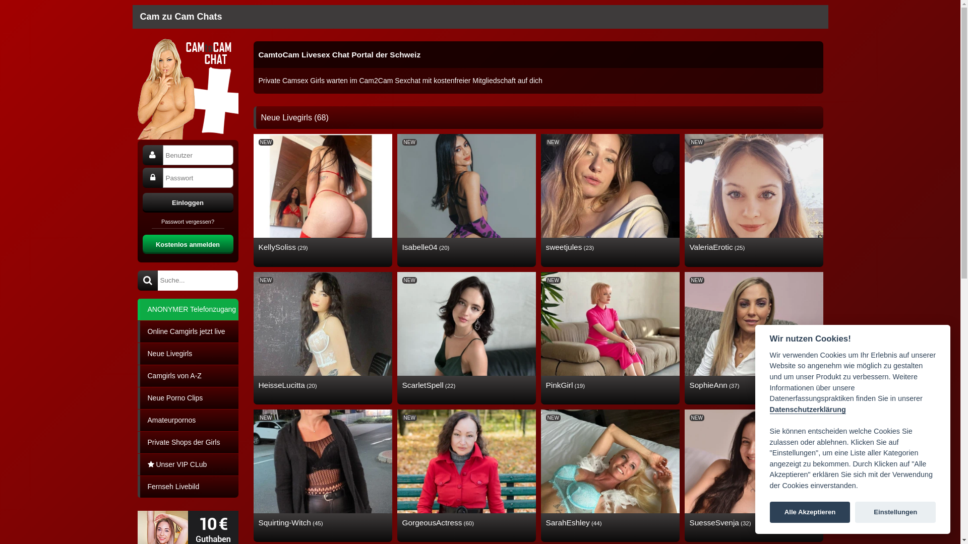 This screenshot has height=544, width=968. I want to click on 'ANONYMER Telefonzugang', so click(187, 308).